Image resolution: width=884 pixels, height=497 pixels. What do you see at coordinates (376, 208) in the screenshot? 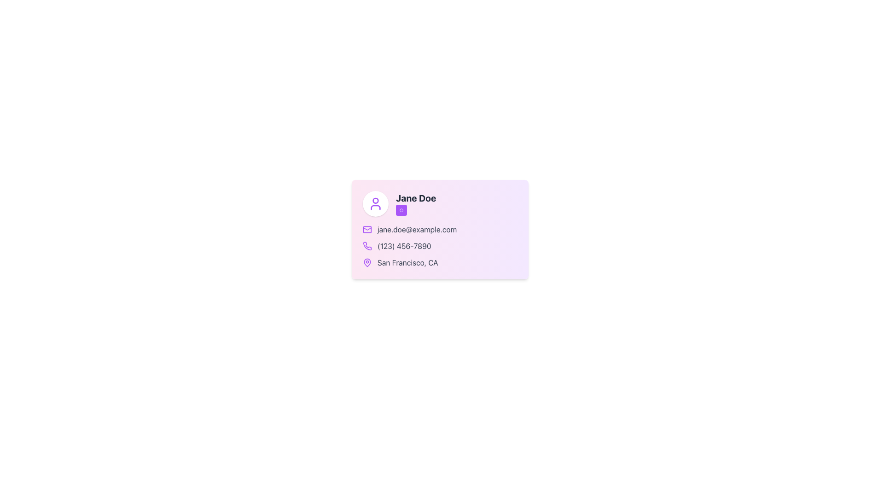
I see `the vector graphical element representing the user icon above the name 'Jane Doe' in the card layout` at bounding box center [376, 208].